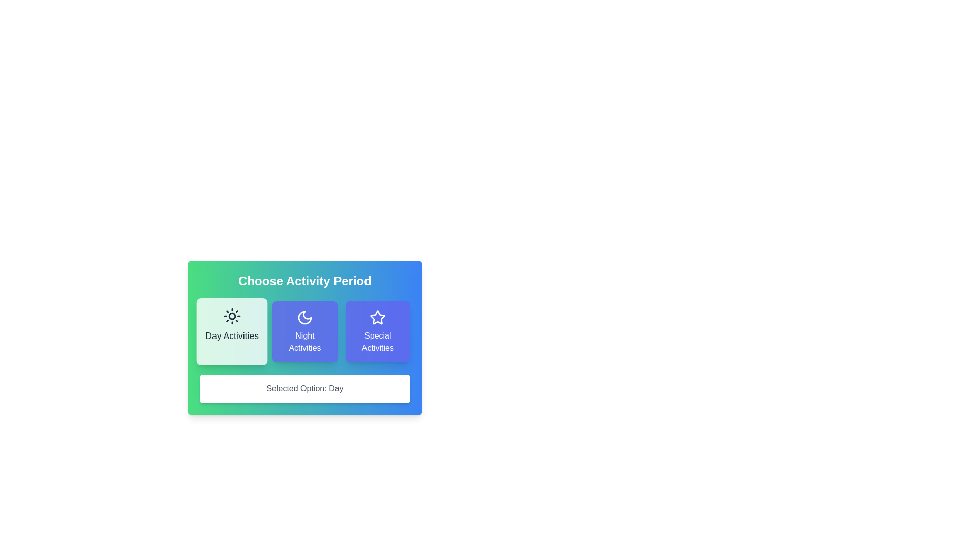 This screenshot has width=976, height=549. Describe the element at coordinates (304, 331) in the screenshot. I see `the 'Night Activities' button, which is the second button in a group of three horizontally arranged buttons` at that location.